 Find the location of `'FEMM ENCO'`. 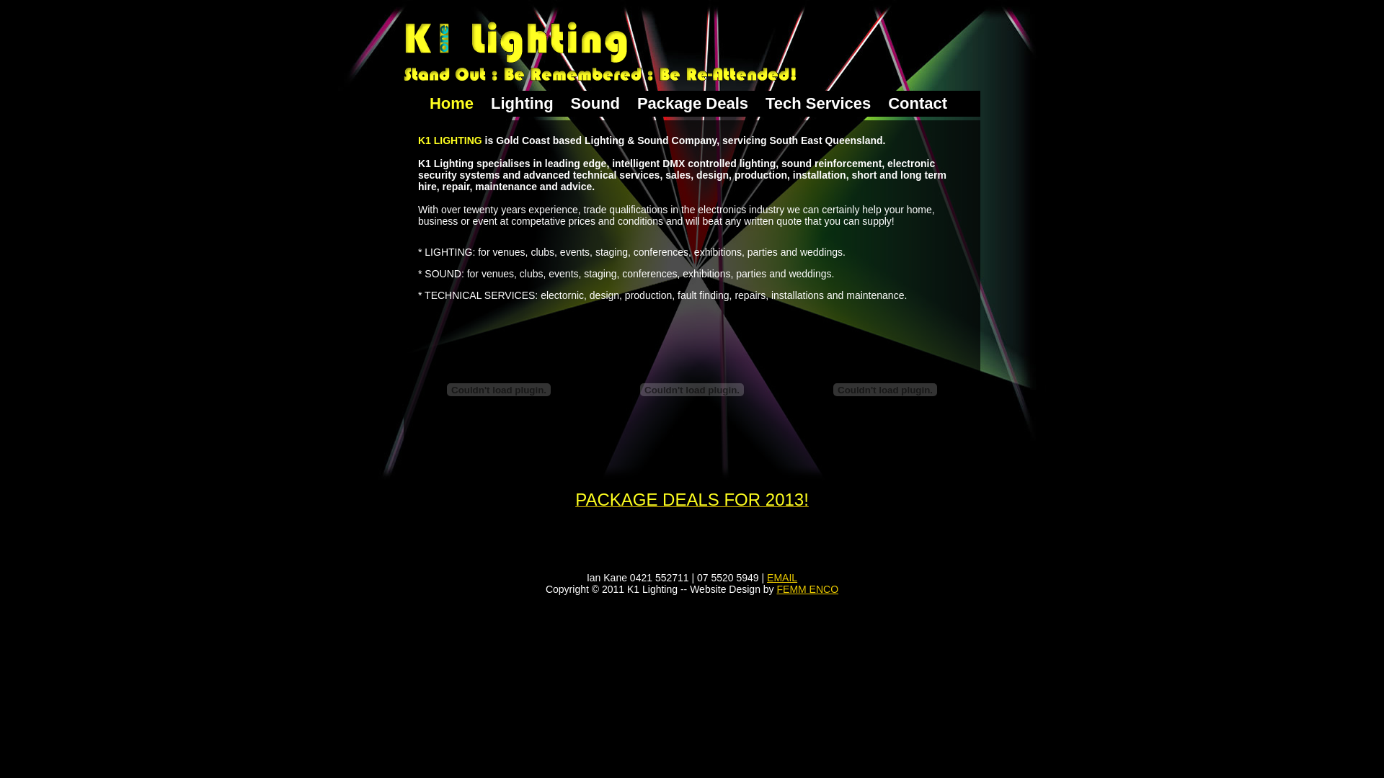

'FEMM ENCO' is located at coordinates (808, 589).